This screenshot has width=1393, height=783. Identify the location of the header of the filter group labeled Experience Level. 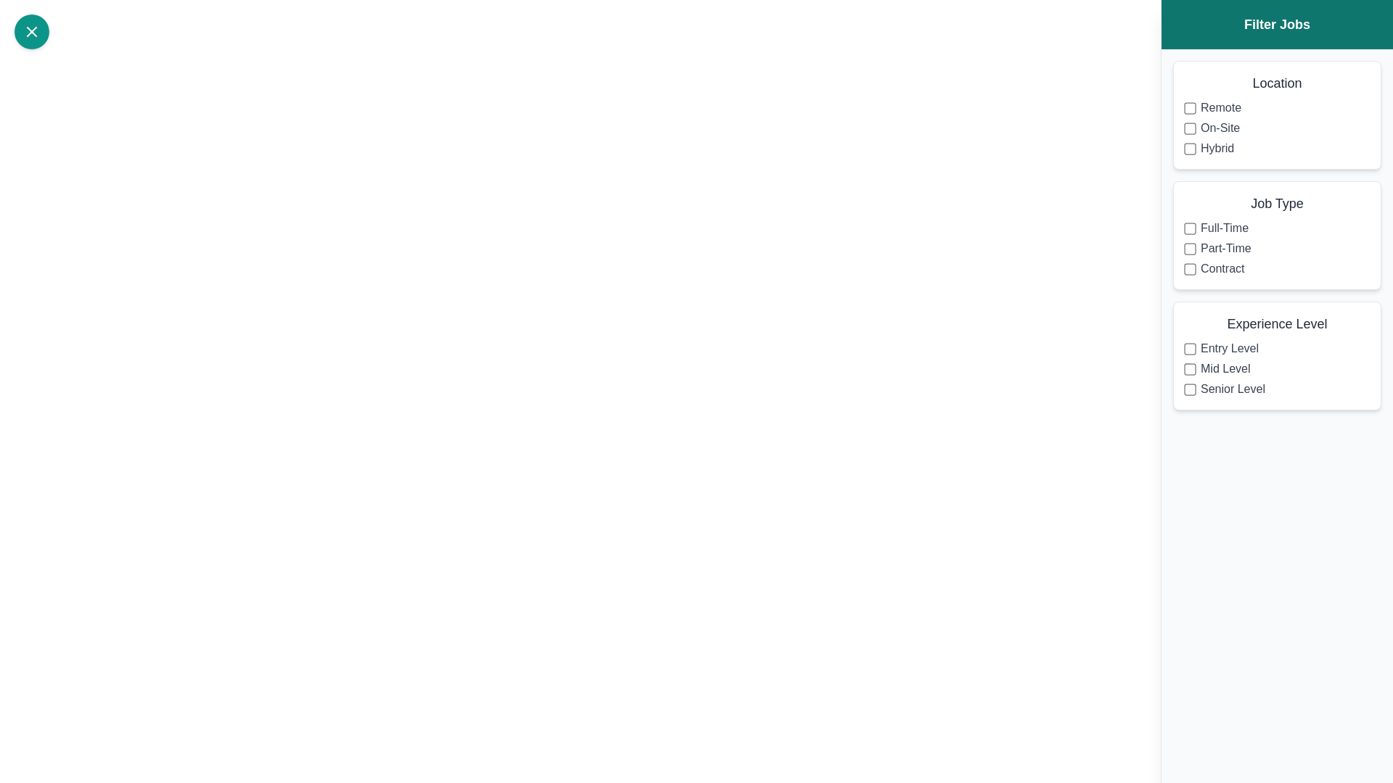
(1277, 323).